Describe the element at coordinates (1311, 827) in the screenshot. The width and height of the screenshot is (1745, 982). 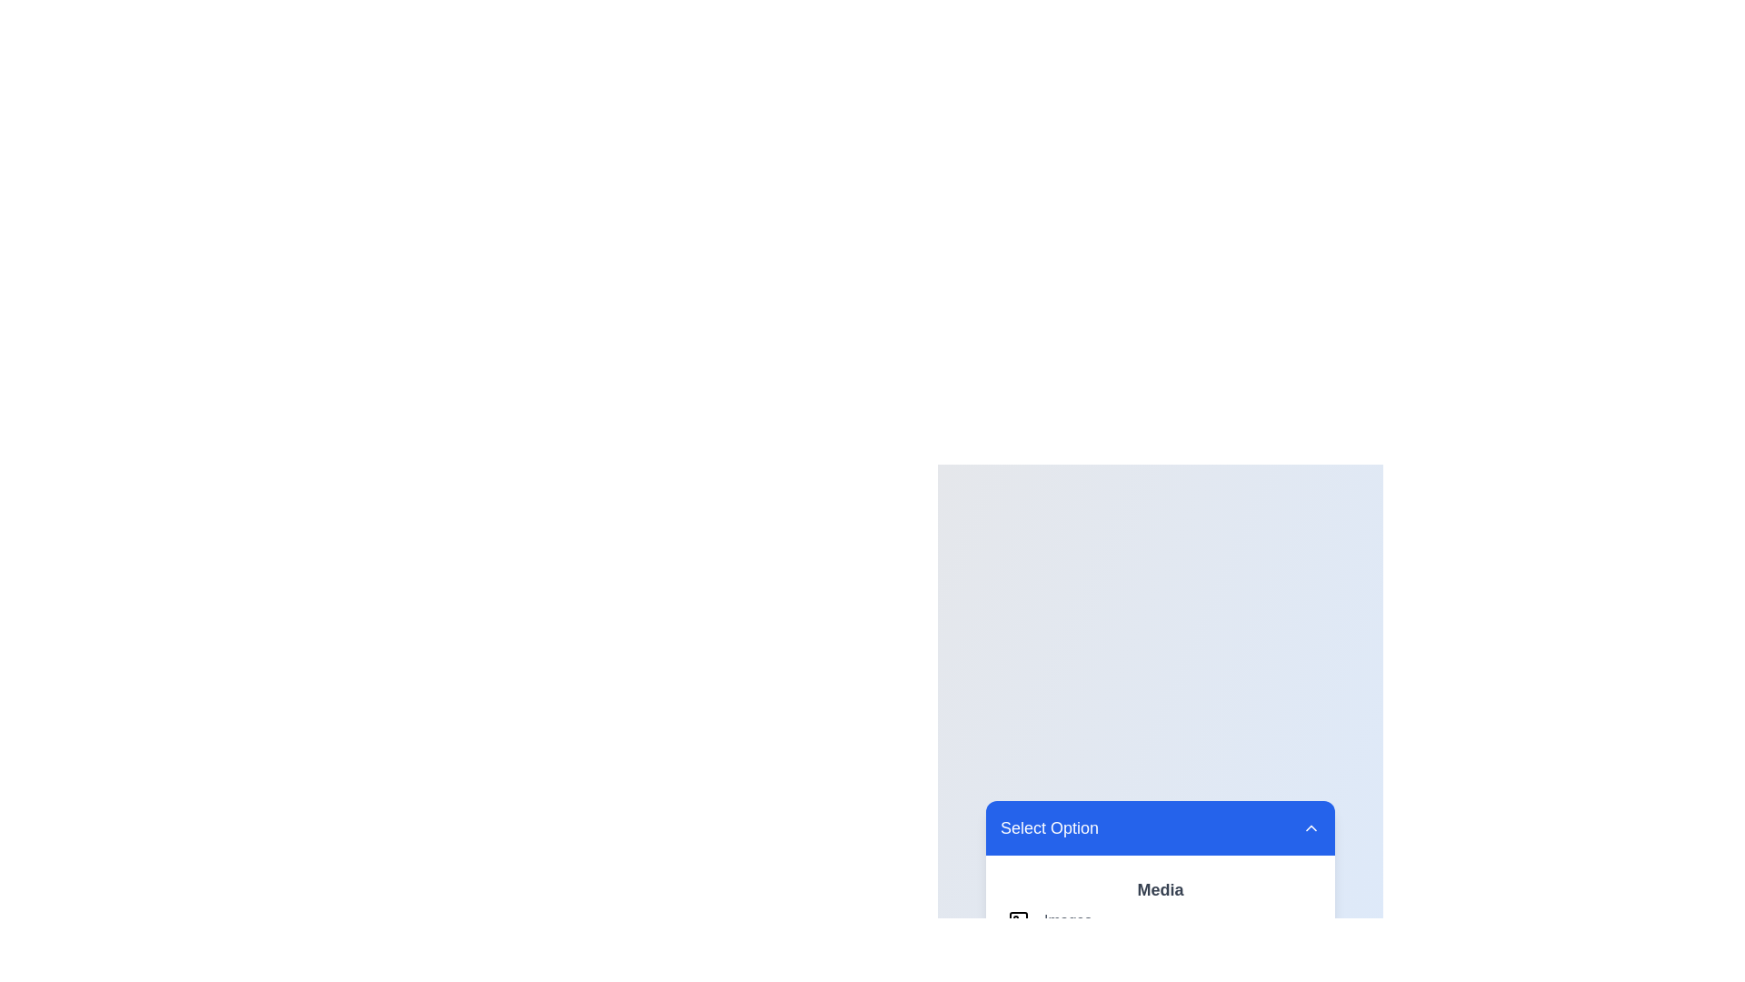
I see `the chevron icon located in the top right corner of the 'Select Option' header to interact with the dropdown menu` at that location.